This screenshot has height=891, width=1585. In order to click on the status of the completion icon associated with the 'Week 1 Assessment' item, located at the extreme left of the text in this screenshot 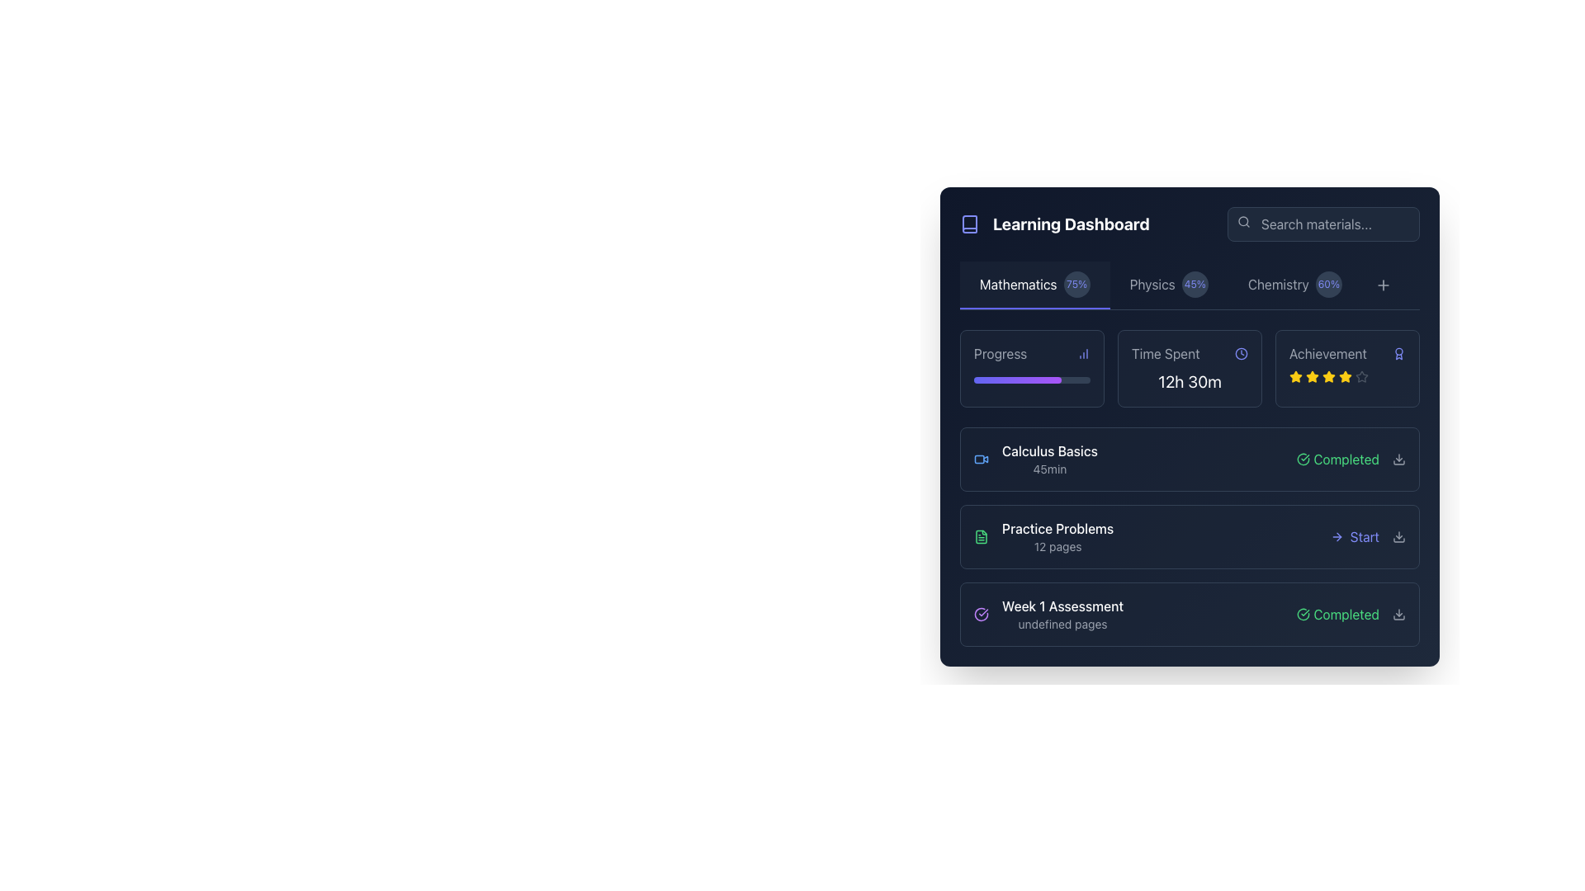, I will do `click(982, 614)`.